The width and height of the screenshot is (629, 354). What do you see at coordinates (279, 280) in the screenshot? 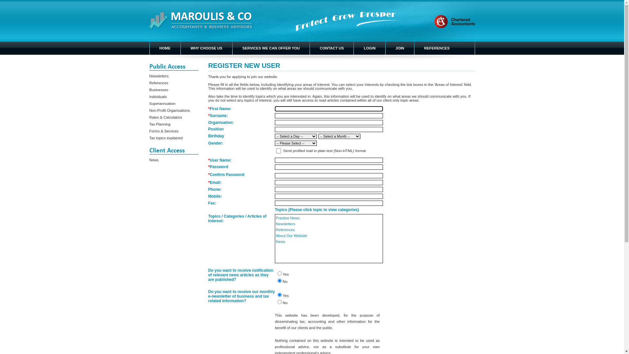
I see `'No'` at bounding box center [279, 280].